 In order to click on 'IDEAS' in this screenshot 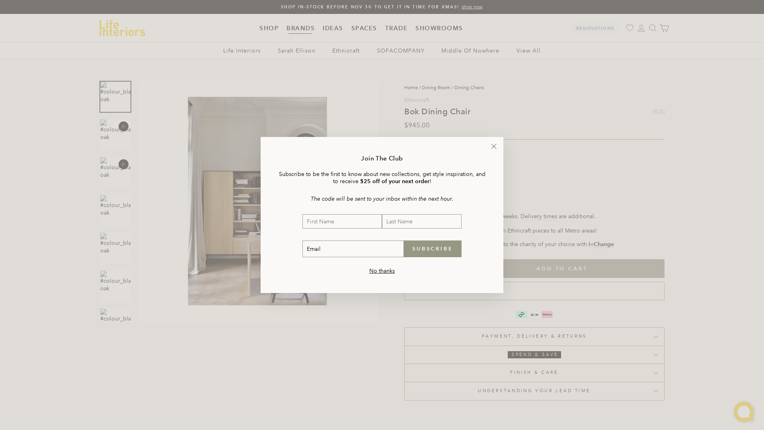, I will do `click(333, 27)`.